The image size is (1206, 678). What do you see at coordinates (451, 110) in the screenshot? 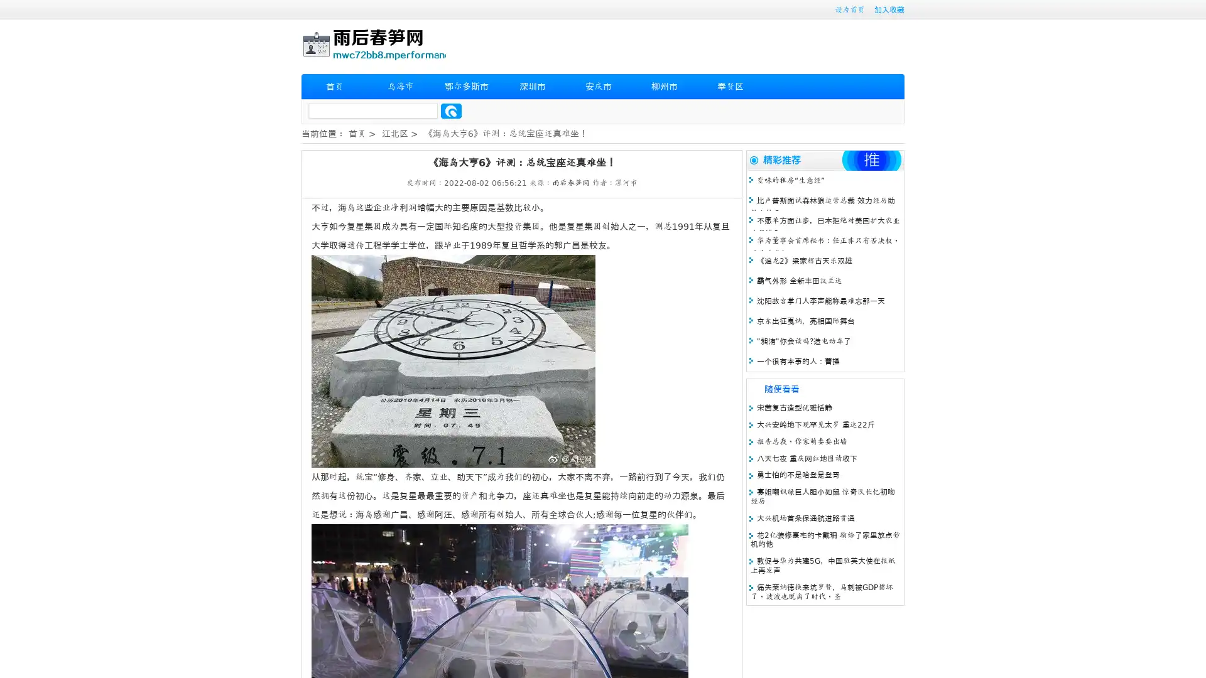
I see `Search` at bounding box center [451, 110].